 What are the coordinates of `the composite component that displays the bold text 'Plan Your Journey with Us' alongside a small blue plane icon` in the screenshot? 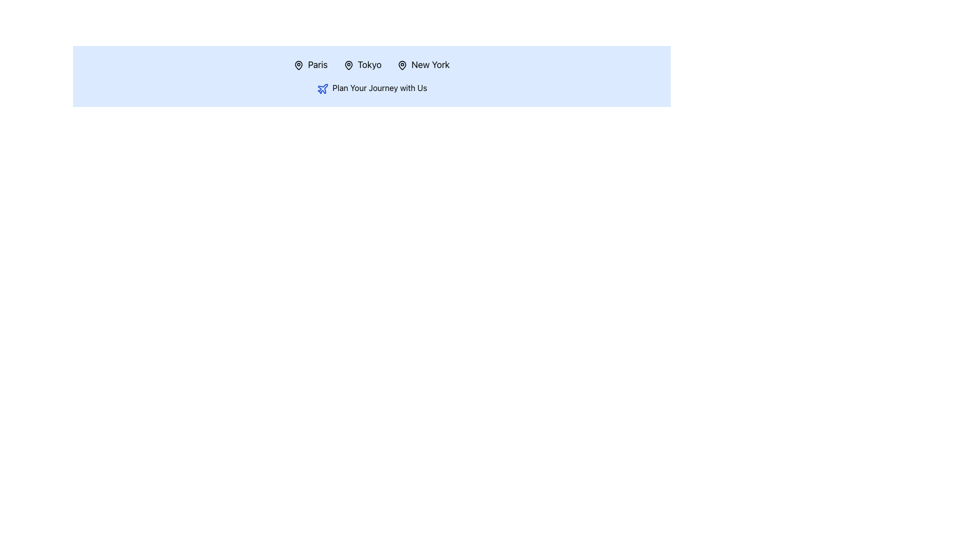 It's located at (371, 87).